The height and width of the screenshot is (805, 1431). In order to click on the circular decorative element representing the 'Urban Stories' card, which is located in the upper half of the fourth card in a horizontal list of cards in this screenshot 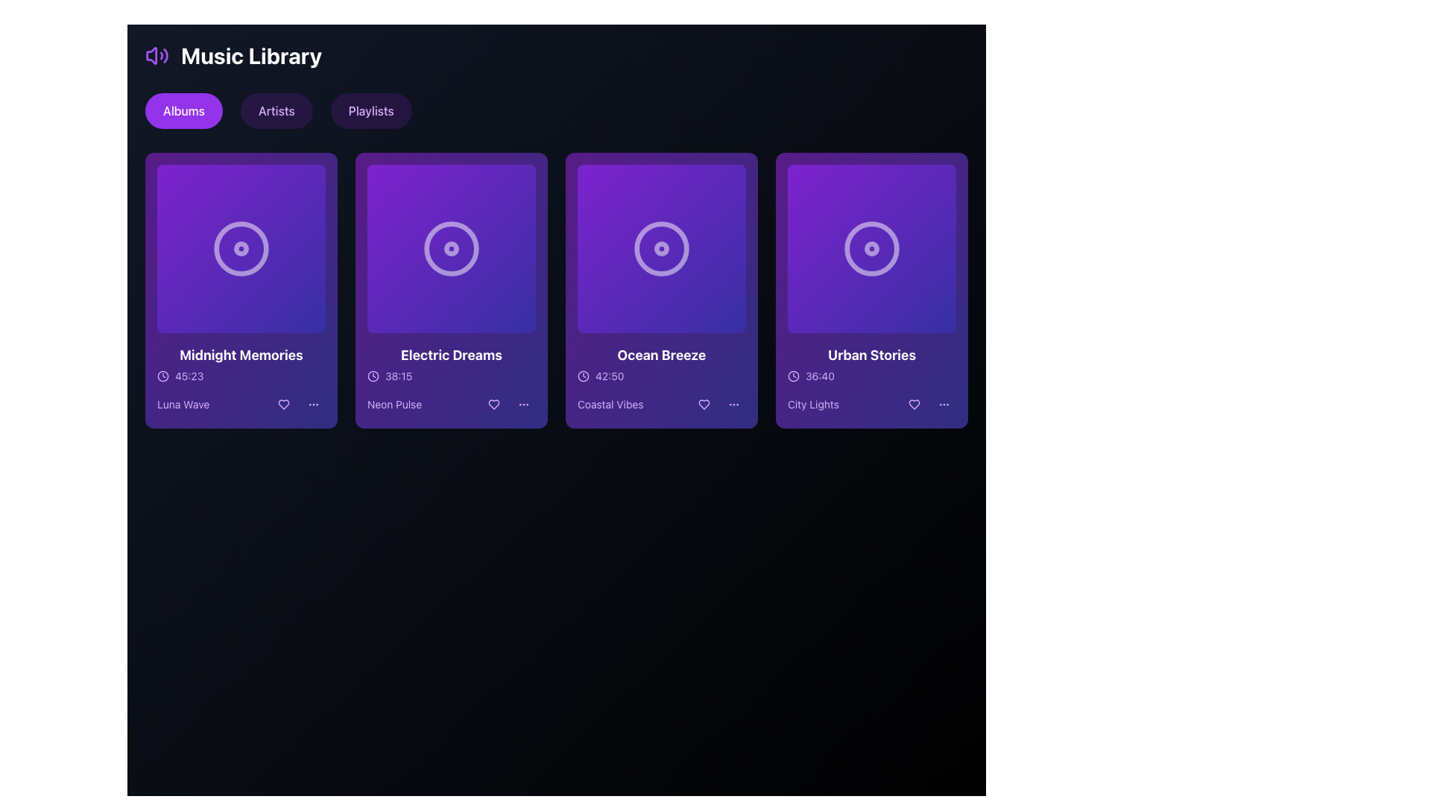, I will do `click(872, 248)`.